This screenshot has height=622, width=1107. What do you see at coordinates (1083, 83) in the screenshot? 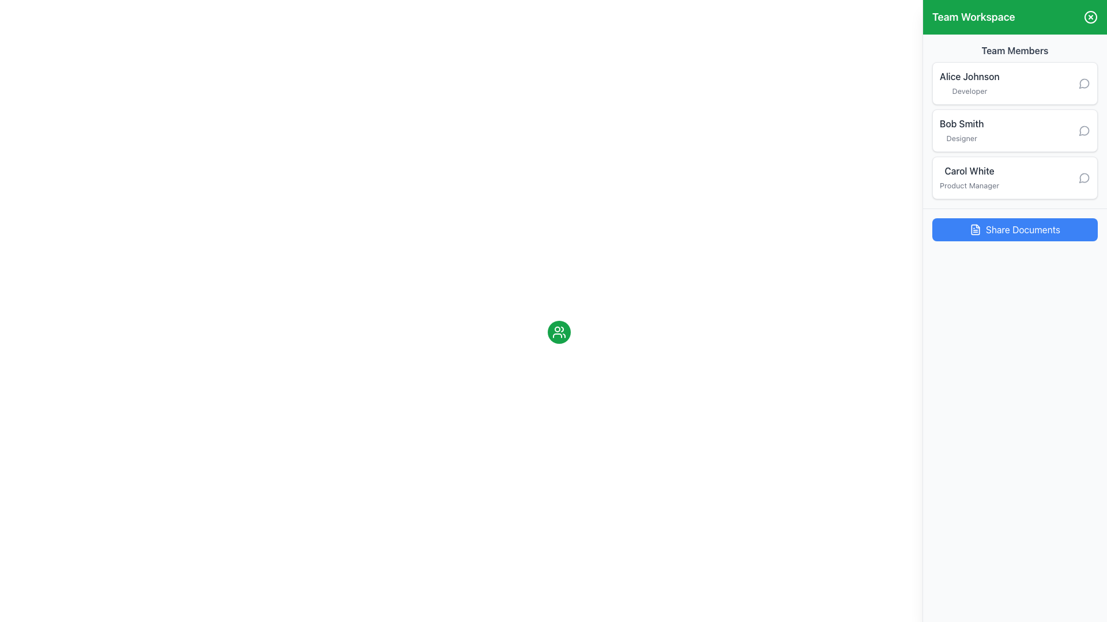
I see `the interactive chat icon for 'Alice Johnson' located on the far right side of her entry in the 'Team Members' section to initiate a chat` at bounding box center [1083, 83].